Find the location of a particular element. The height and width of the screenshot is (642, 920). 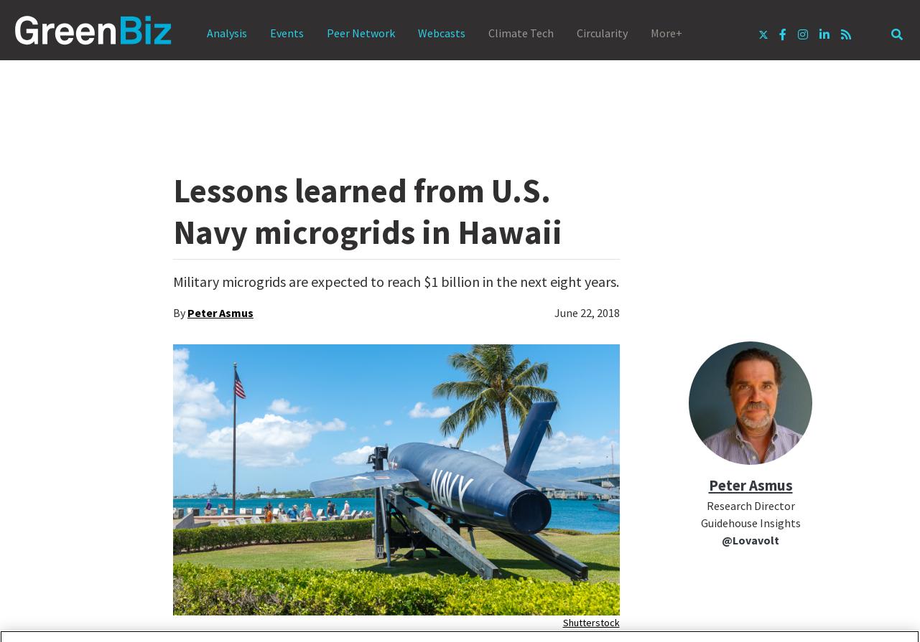

'Close Authorship' is located at coordinates (655, 616).